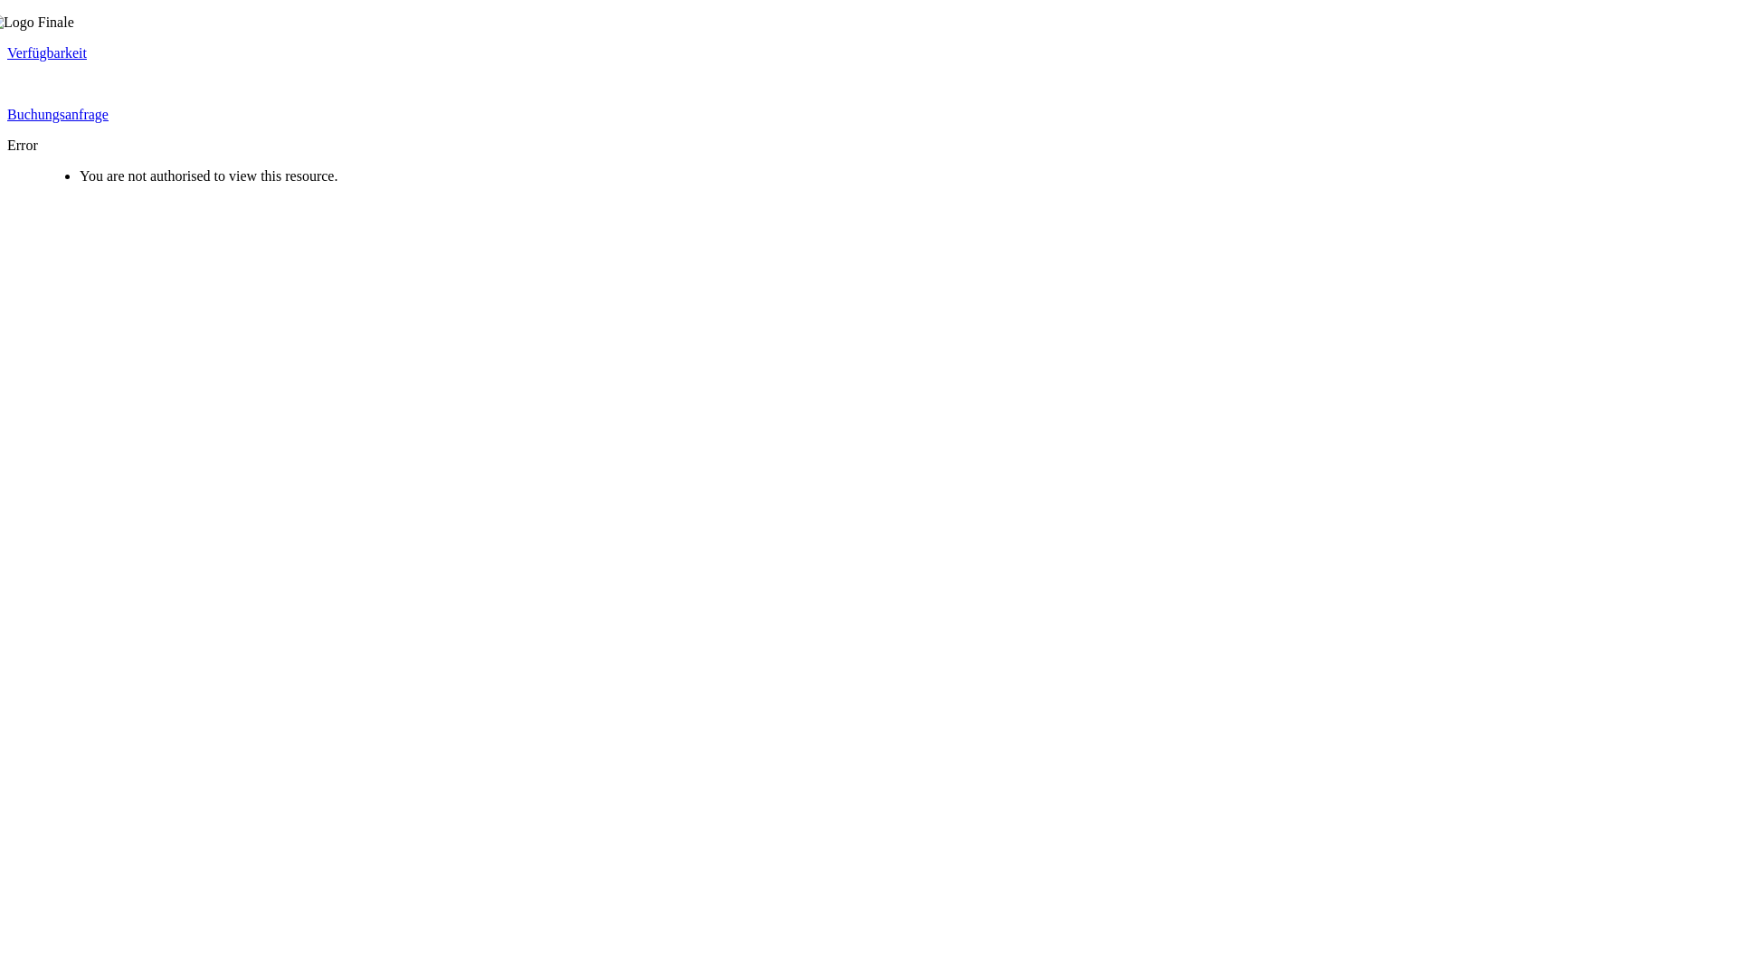 Image resolution: width=1737 pixels, height=977 pixels. Describe the element at coordinates (57, 114) in the screenshot. I see `'Buchungsanfrage'` at that location.